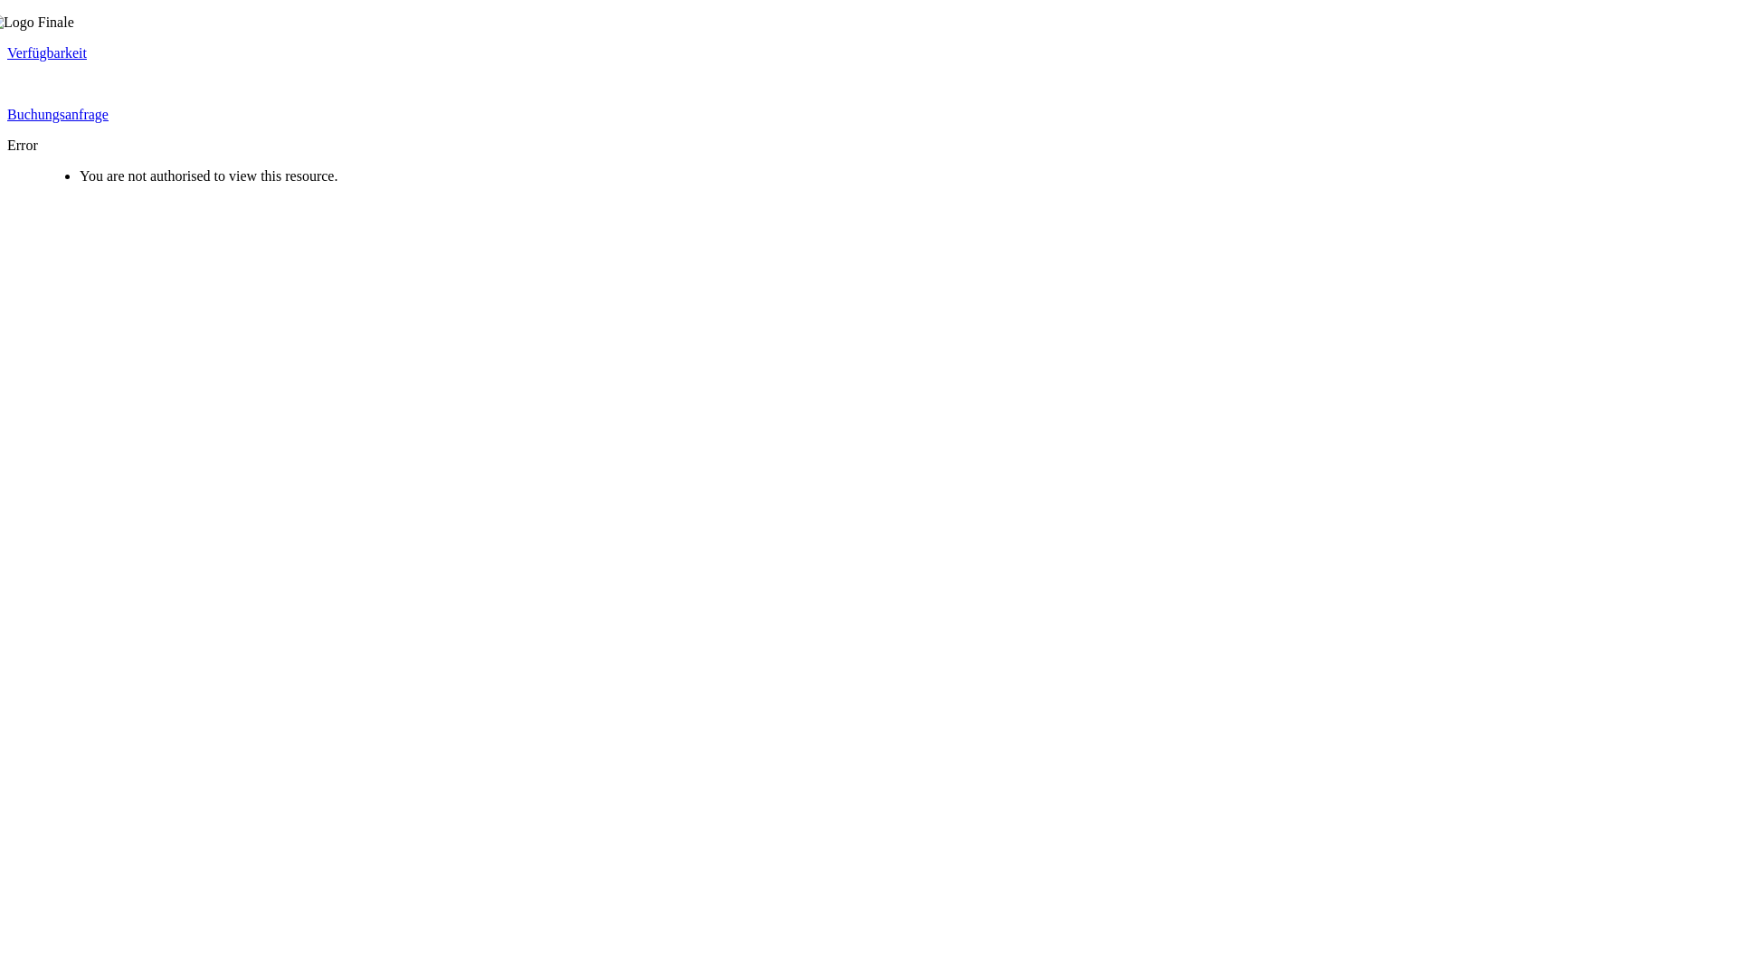 Image resolution: width=1737 pixels, height=977 pixels. Describe the element at coordinates (57, 114) in the screenshot. I see `'Buchungsanfrage'` at that location.